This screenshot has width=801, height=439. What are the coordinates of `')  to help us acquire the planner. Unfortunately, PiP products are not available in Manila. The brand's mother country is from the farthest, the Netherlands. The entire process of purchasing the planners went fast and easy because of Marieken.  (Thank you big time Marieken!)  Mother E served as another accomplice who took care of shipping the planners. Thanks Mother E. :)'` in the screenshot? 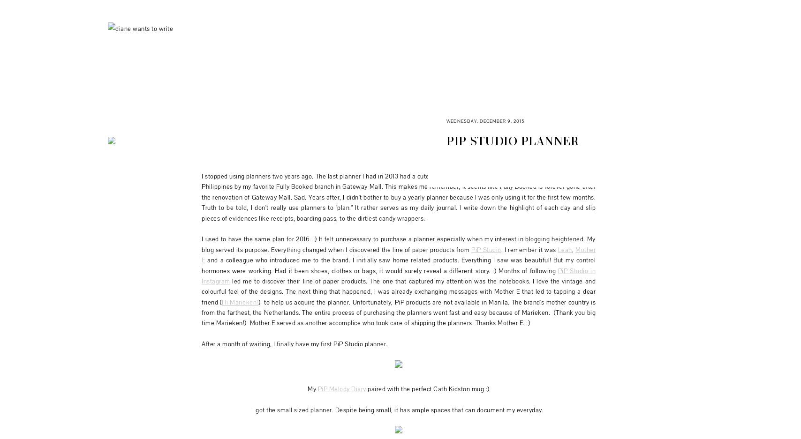 It's located at (399, 312).